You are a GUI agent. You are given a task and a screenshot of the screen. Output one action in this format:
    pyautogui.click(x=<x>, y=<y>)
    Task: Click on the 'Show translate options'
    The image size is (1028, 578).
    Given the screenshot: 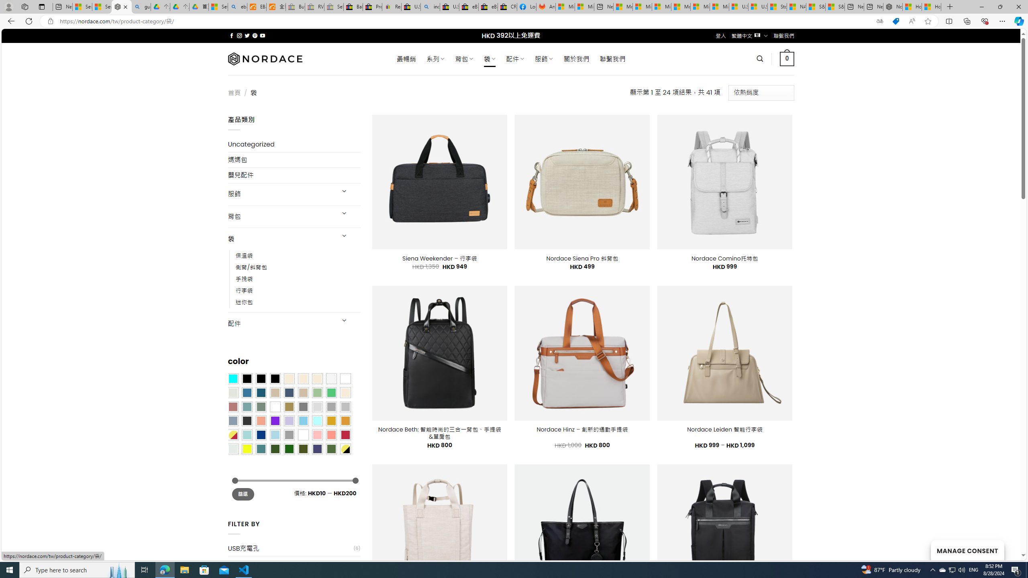 What is the action you would take?
    pyautogui.click(x=879, y=21)
    